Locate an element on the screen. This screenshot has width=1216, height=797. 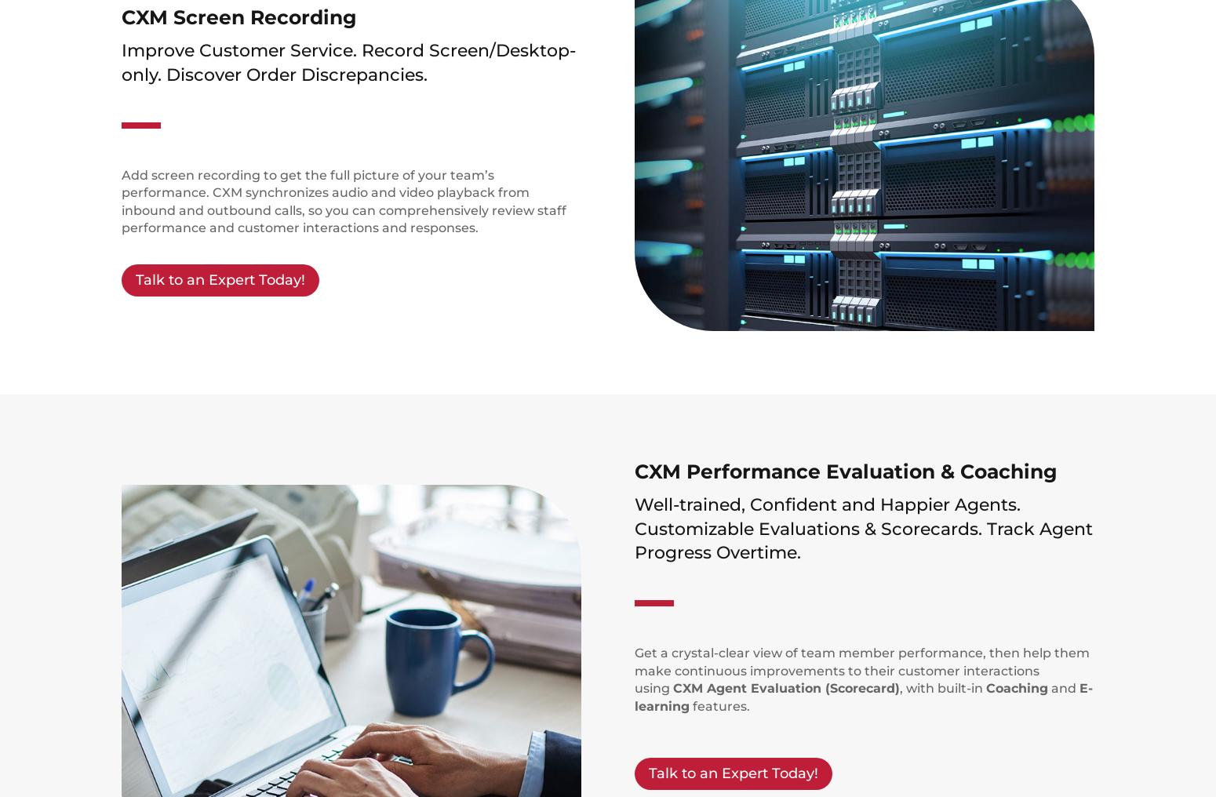
'Get a crystal-clear view of team member performance, then help them make continuous improvements to their customer interactions using' is located at coordinates (633, 670).